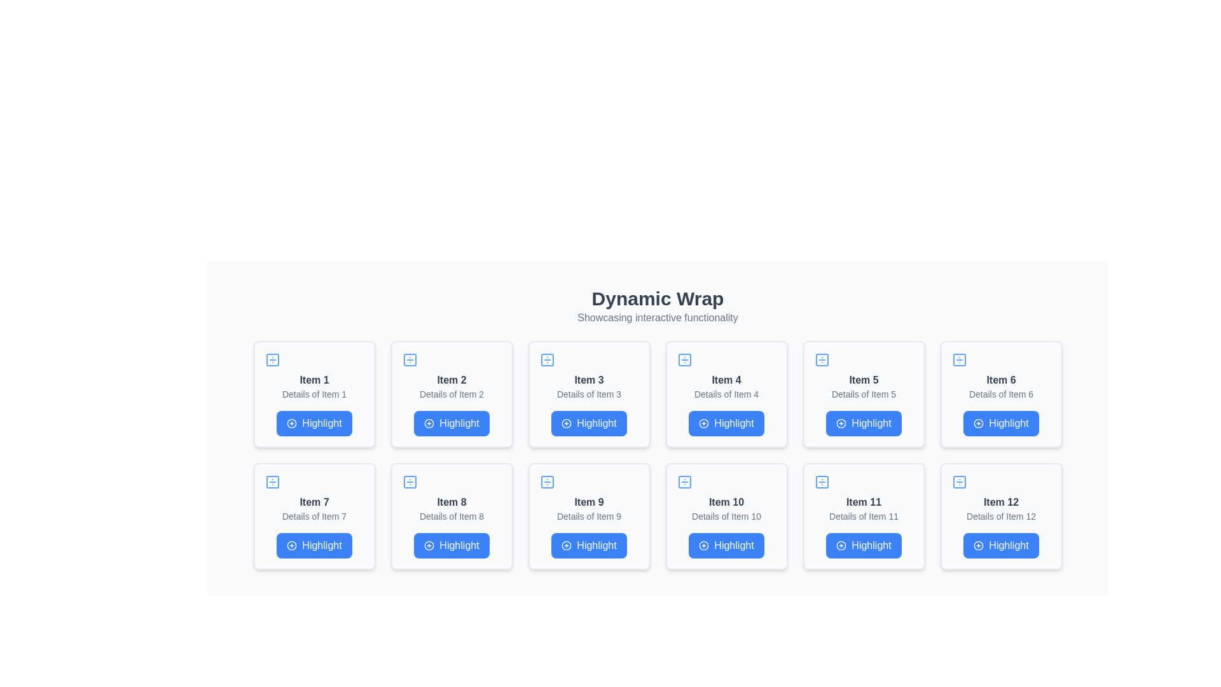  I want to click on the text label displaying 'Dynamic Wrap' which is styled in a large, bold, dark gray font, centered at the top of the page, so click(658, 299).